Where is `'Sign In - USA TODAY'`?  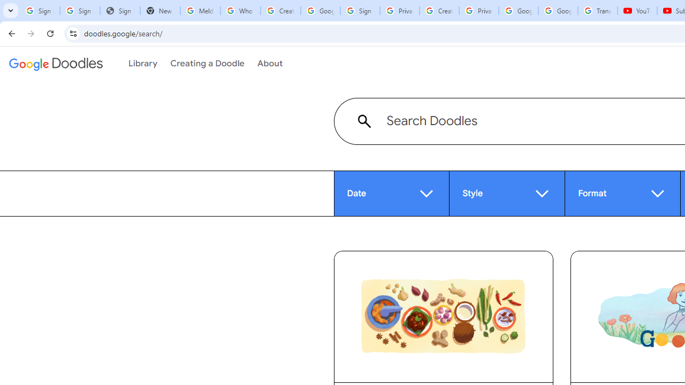 'Sign In - USA TODAY' is located at coordinates (120, 11).